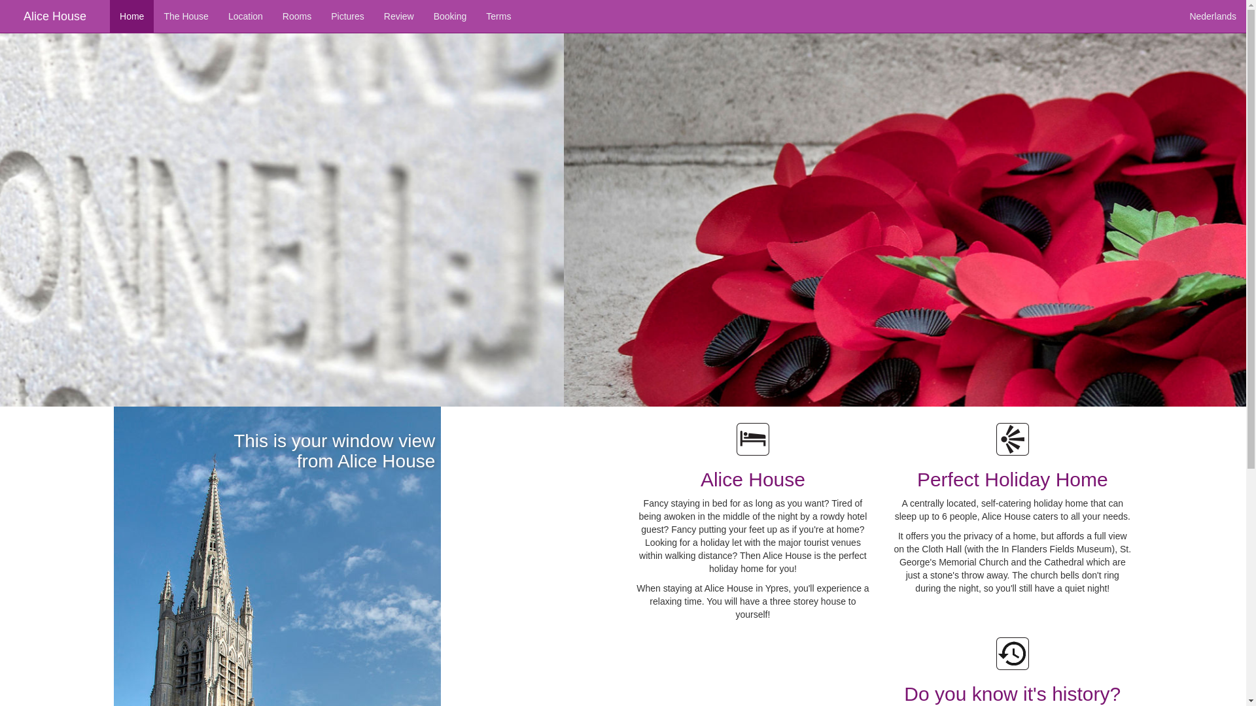  I want to click on 'Home, so click(110, 16).